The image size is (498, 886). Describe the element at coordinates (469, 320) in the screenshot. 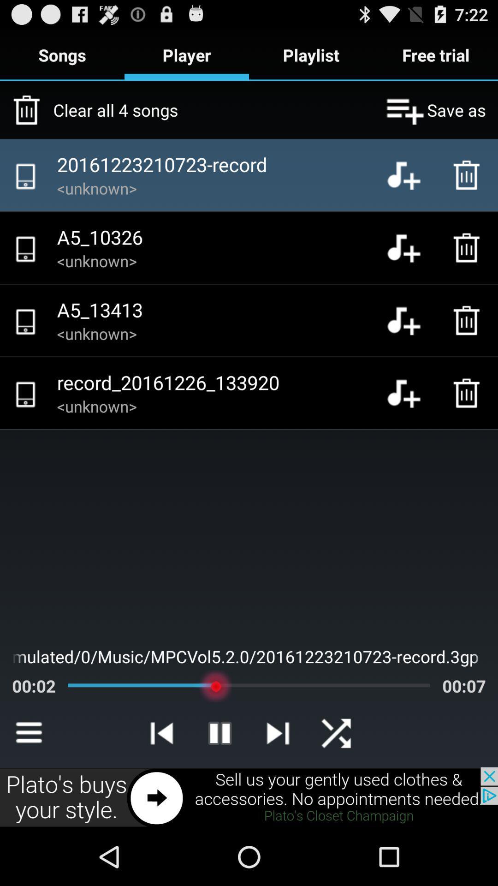

I see `delete` at that location.